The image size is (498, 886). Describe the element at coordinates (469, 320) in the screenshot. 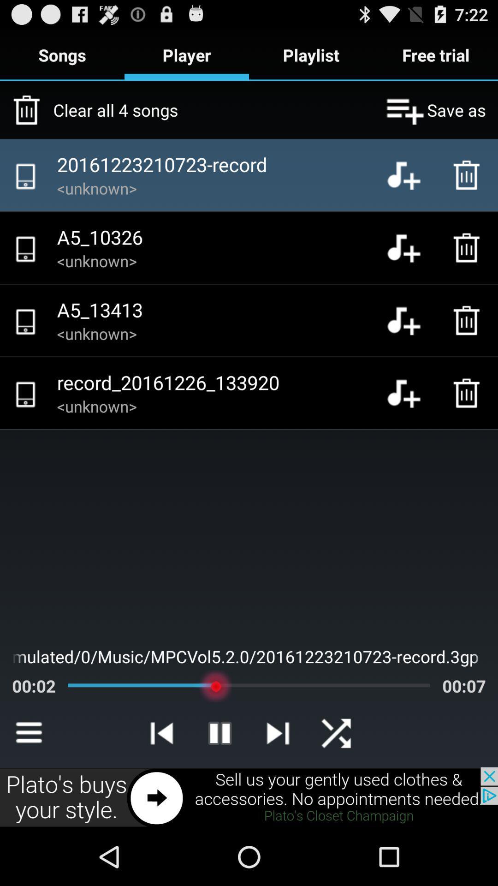

I see `delete` at that location.